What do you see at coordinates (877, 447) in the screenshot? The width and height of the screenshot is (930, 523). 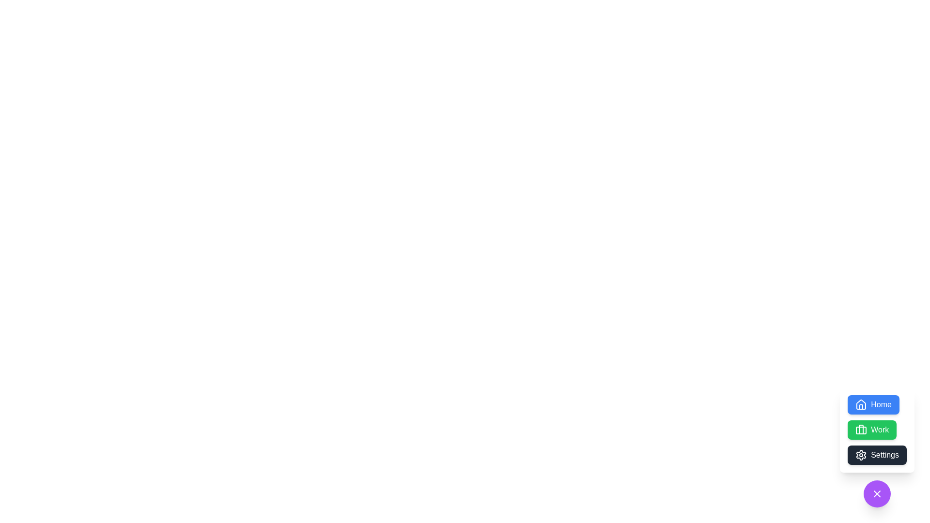 I see `the third button in the bottom-right panel` at bounding box center [877, 447].